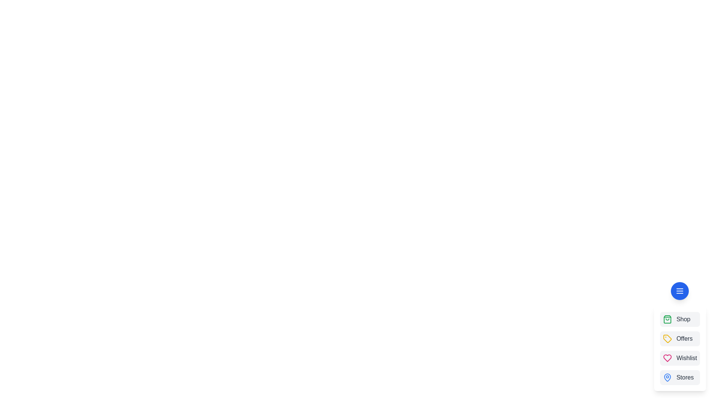  What do you see at coordinates (680, 338) in the screenshot?
I see `the 'Offers' button` at bounding box center [680, 338].